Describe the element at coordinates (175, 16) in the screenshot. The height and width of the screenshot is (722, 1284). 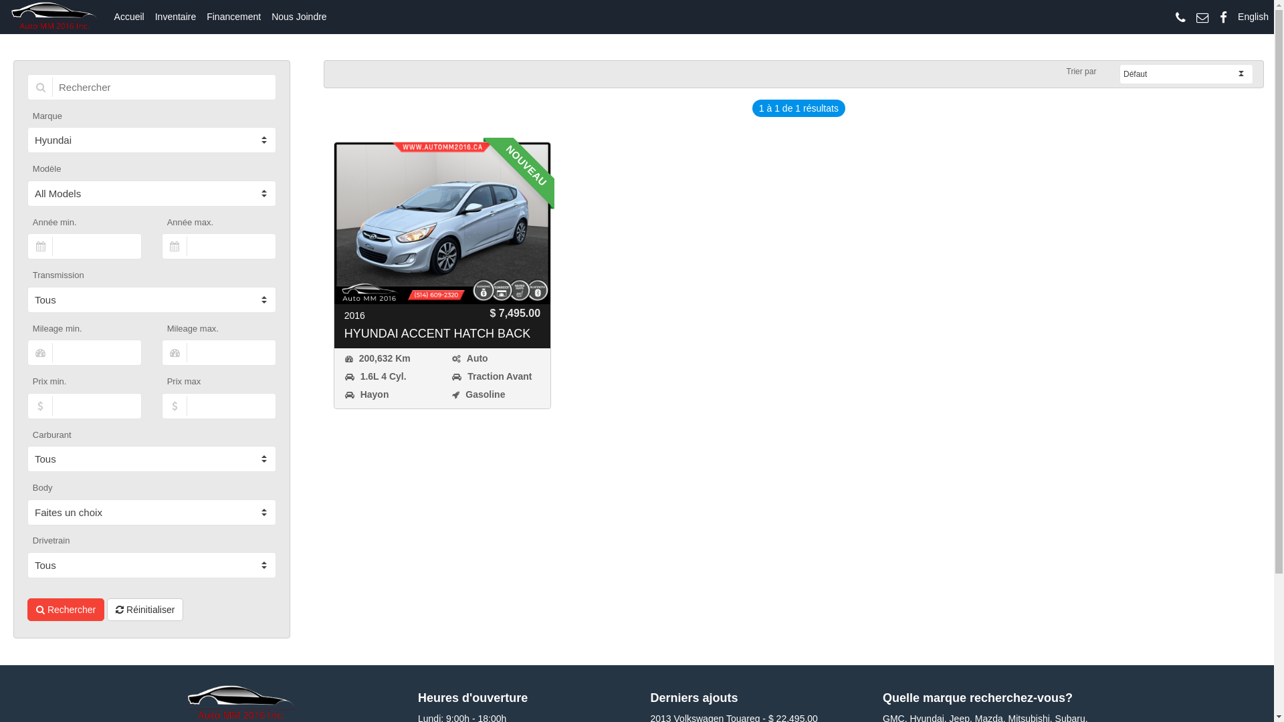
I see `'Inventaire'` at that location.